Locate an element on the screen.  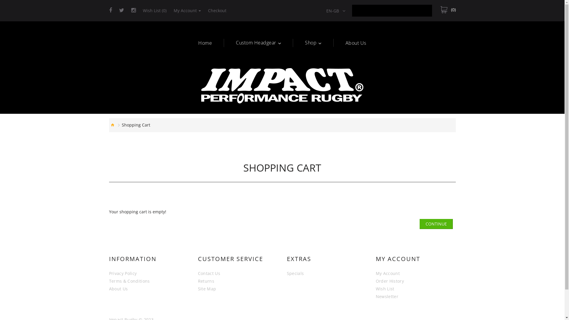
'Site Map' is located at coordinates (207, 289).